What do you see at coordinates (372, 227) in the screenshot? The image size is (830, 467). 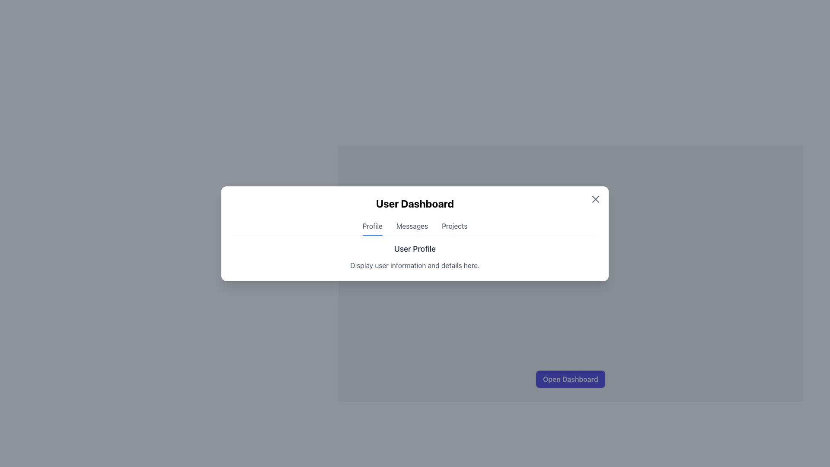 I see `the user profile navigation tab located in the first position of the tab bar within the 'User Dashboard' modal` at bounding box center [372, 227].